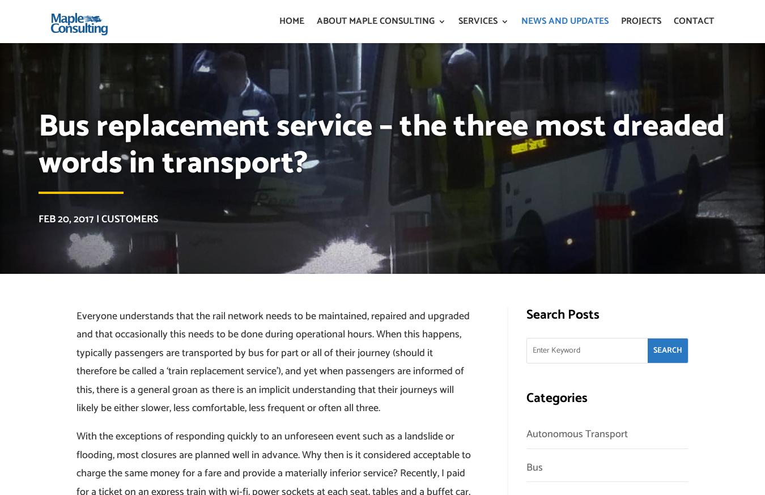 The image size is (765, 495). What do you see at coordinates (97, 218) in the screenshot?
I see `'|'` at bounding box center [97, 218].